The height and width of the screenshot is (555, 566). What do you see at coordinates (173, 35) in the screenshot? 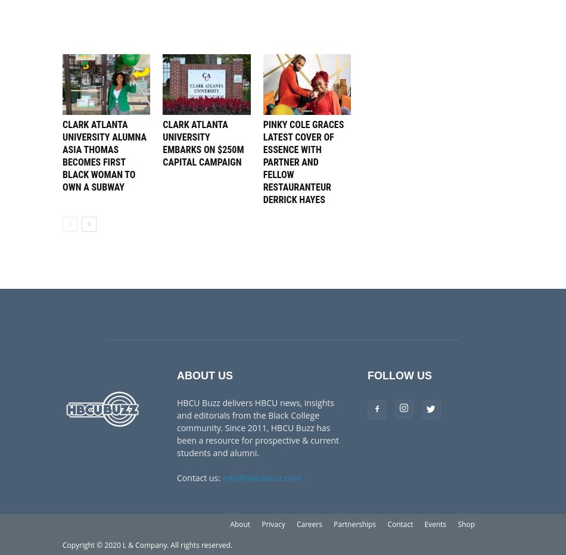
I see `'MORE FROM AUTHOR'` at bounding box center [173, 35].